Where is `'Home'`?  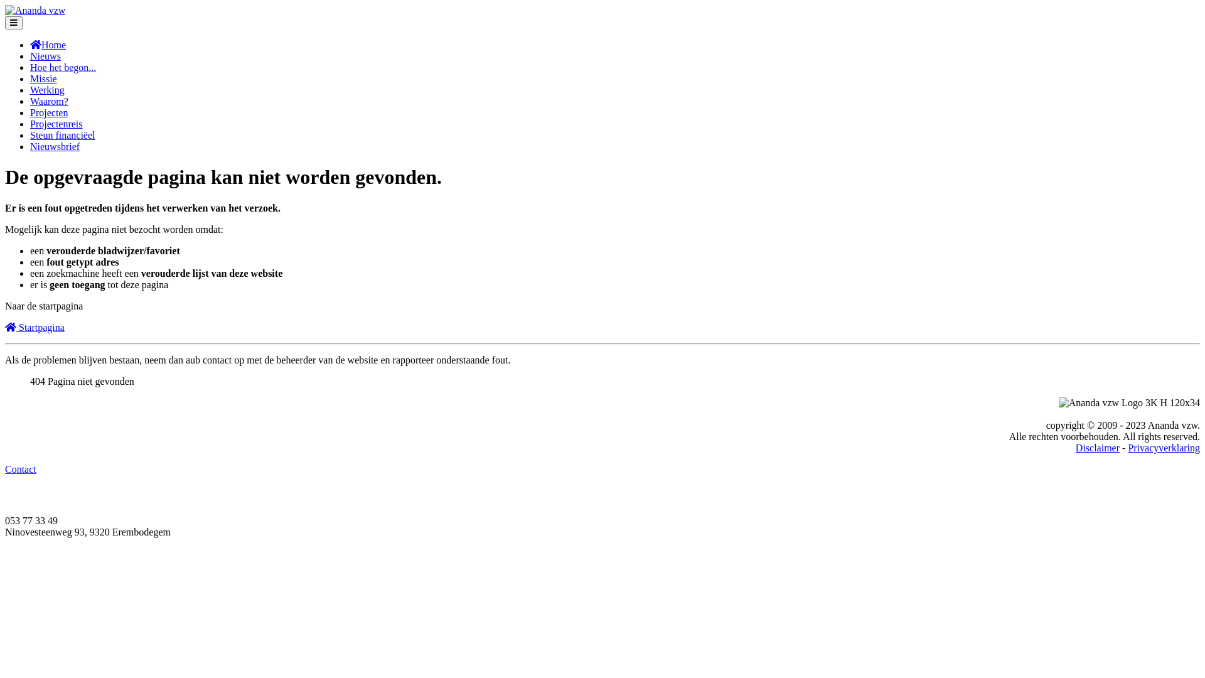 'Home' is located at coordinates (48, 44).